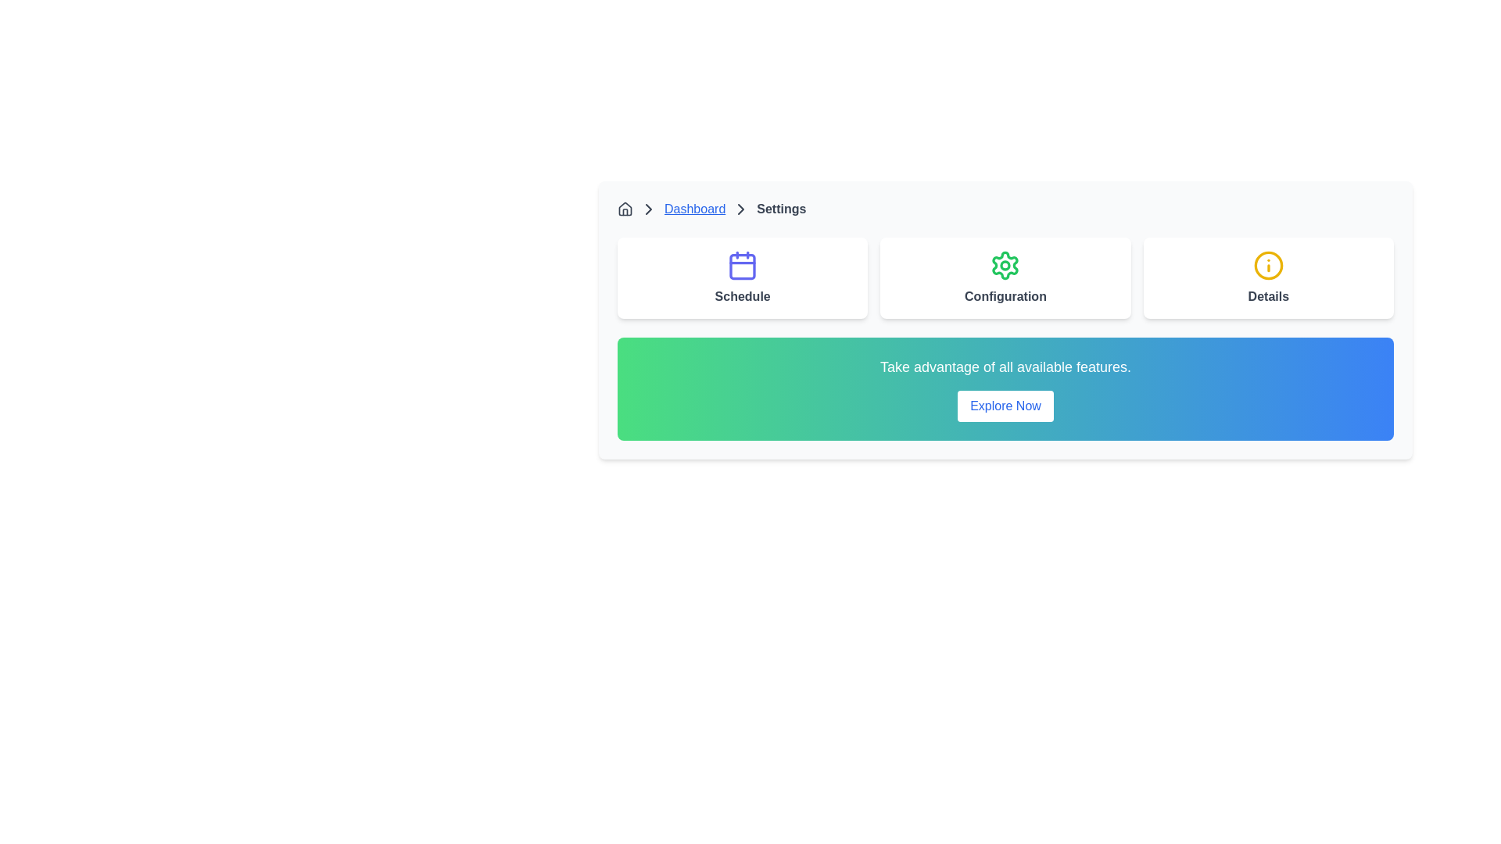  I want to click on text label located in the top-right section of the interface, positioned below the information icon within a card component, so click(1268, 297).